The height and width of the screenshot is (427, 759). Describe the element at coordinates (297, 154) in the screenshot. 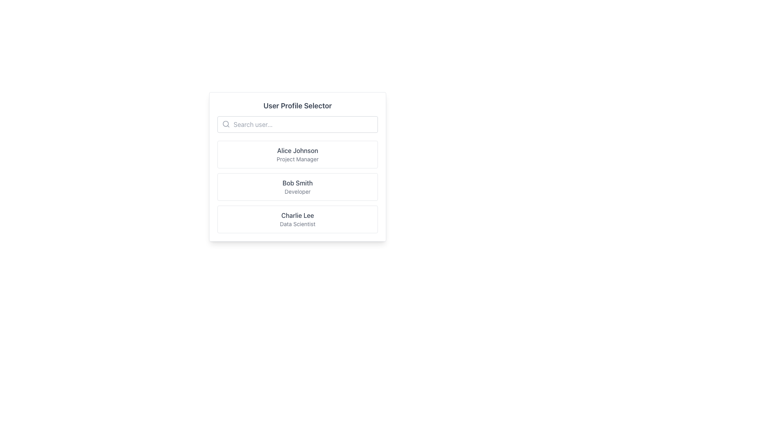

I see `the first selectable user profile option in the user selection module` at that location.